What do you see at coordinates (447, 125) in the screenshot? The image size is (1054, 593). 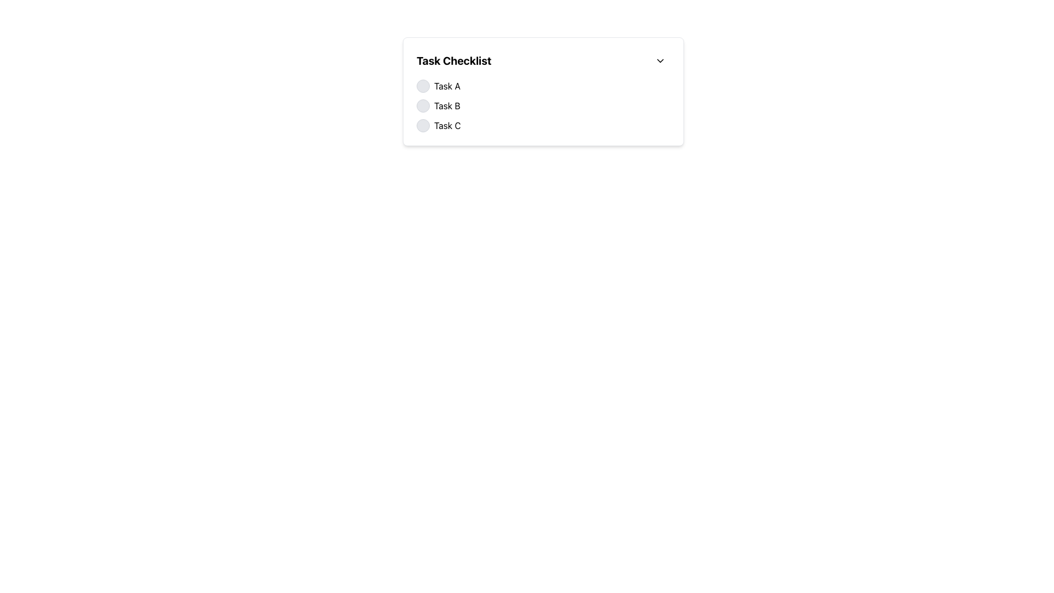 I see `the text label describing 'Task C' in the checklist interface, which is the third entry in the list and is associated with an adjacent selector for marking it as selected` at bounding box center [447, 125].